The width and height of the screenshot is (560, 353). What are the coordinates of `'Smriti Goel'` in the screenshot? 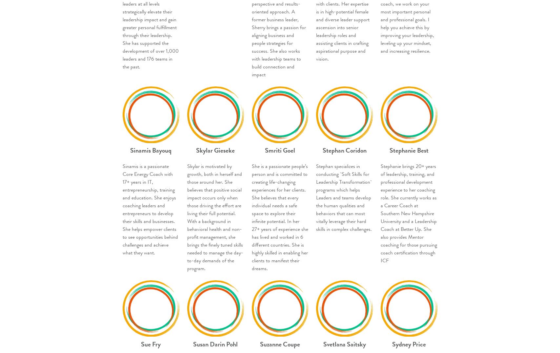 It's located at (279, 150).